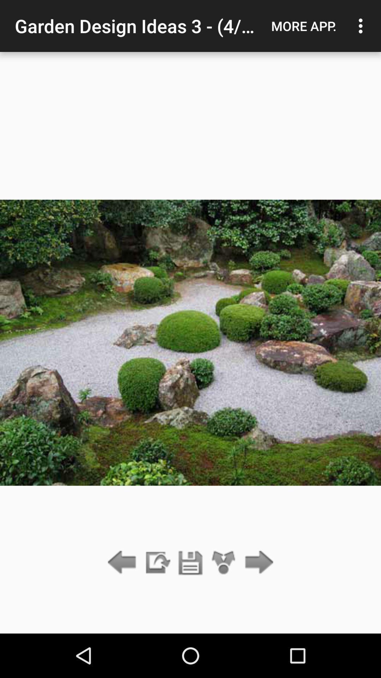 This screenshot has width=381, height=678. Describe the element at coordinates (257, 563) in the screenshot. I see `show the next item` at that location.